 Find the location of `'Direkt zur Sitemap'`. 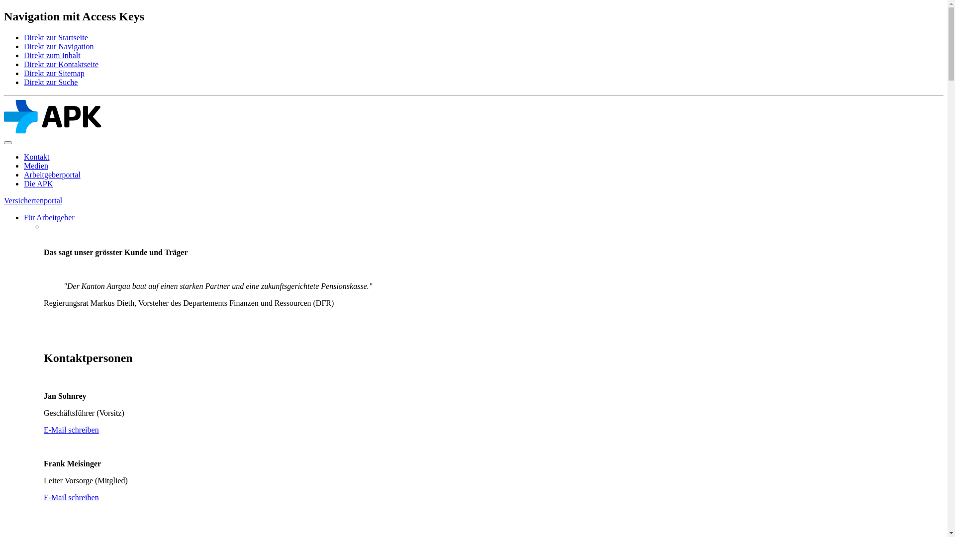

'Direkt zur Sitemap' is located at coordinates (54, 73).